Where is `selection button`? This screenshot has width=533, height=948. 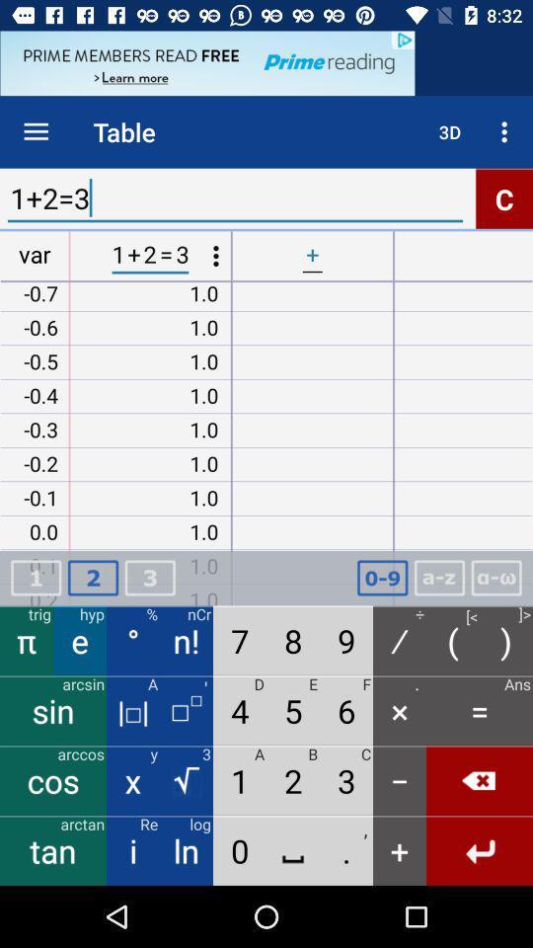
selection button is located at coordinates (495, 578).